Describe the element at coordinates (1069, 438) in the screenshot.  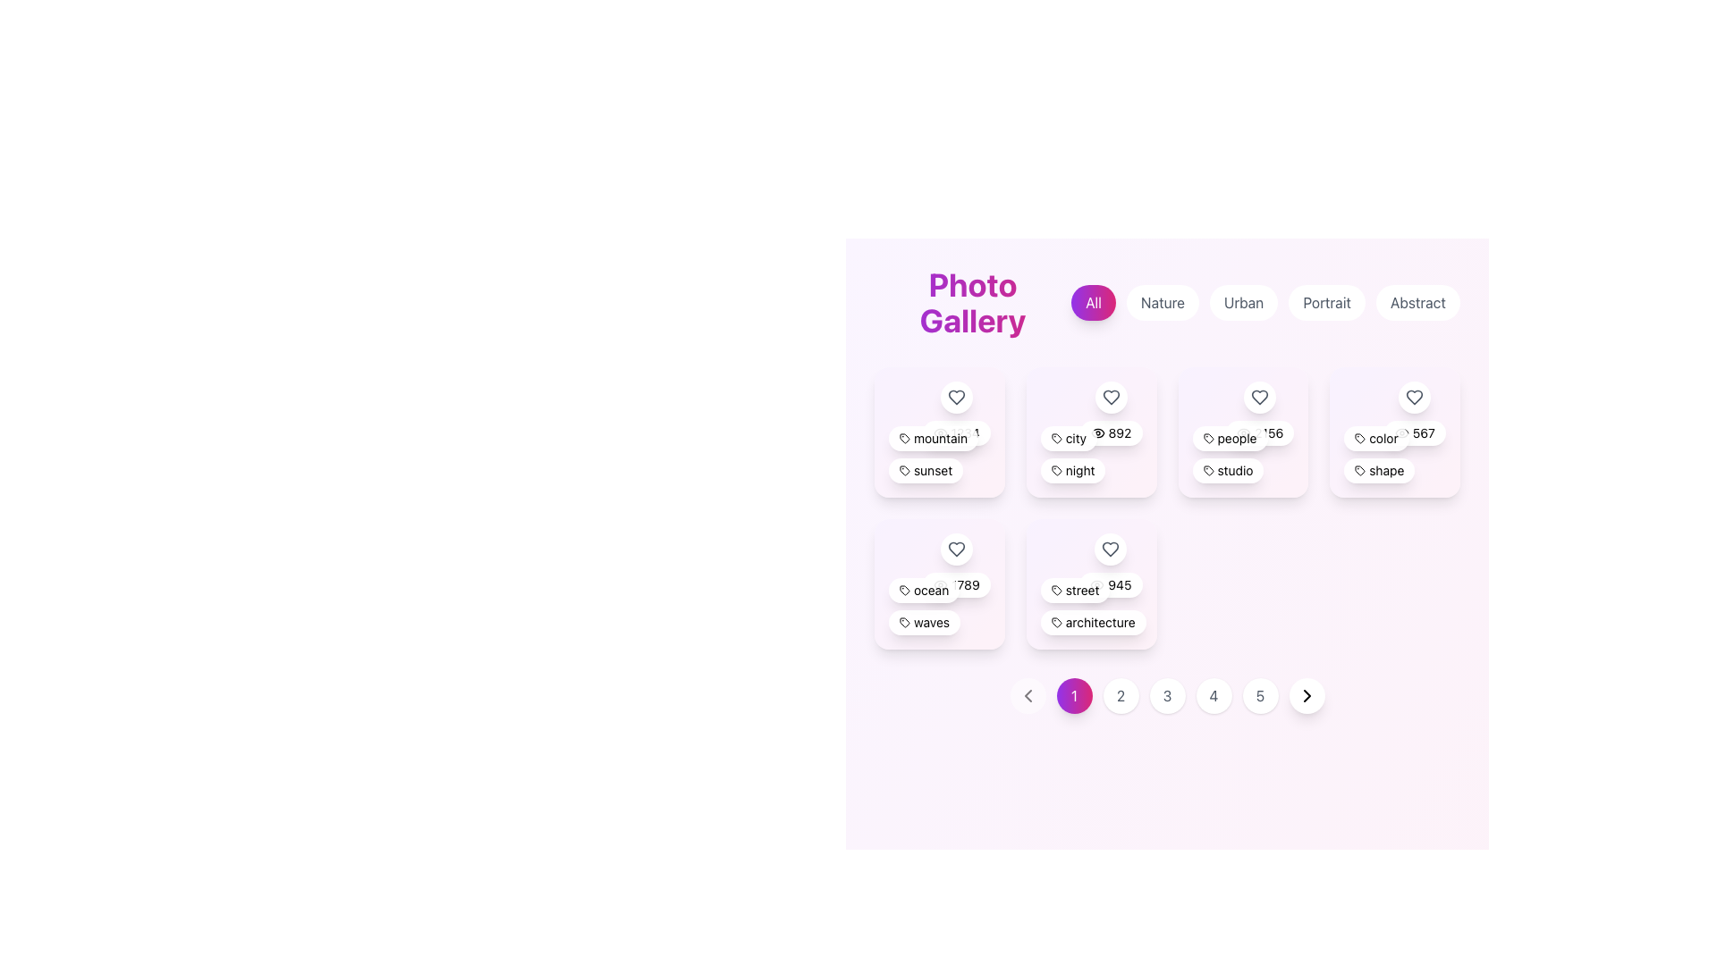
I see `the leftmost tag in the second card of tags displayed in rows, positioned below the 'mountain' tag, to interact with it` at that location.